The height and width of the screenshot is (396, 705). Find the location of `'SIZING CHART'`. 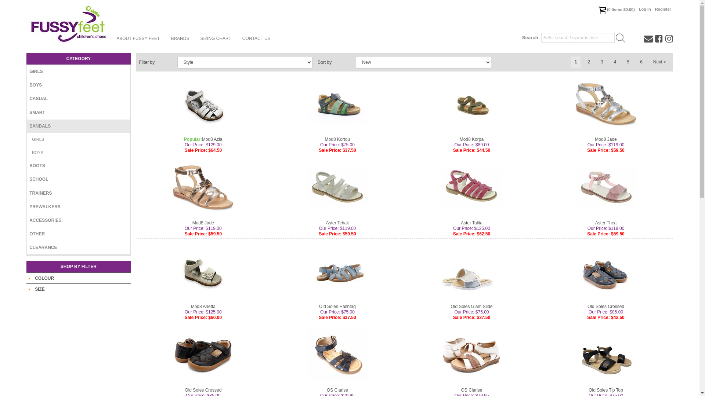

'SIZING CHART' is located at coordinates (215, 38).